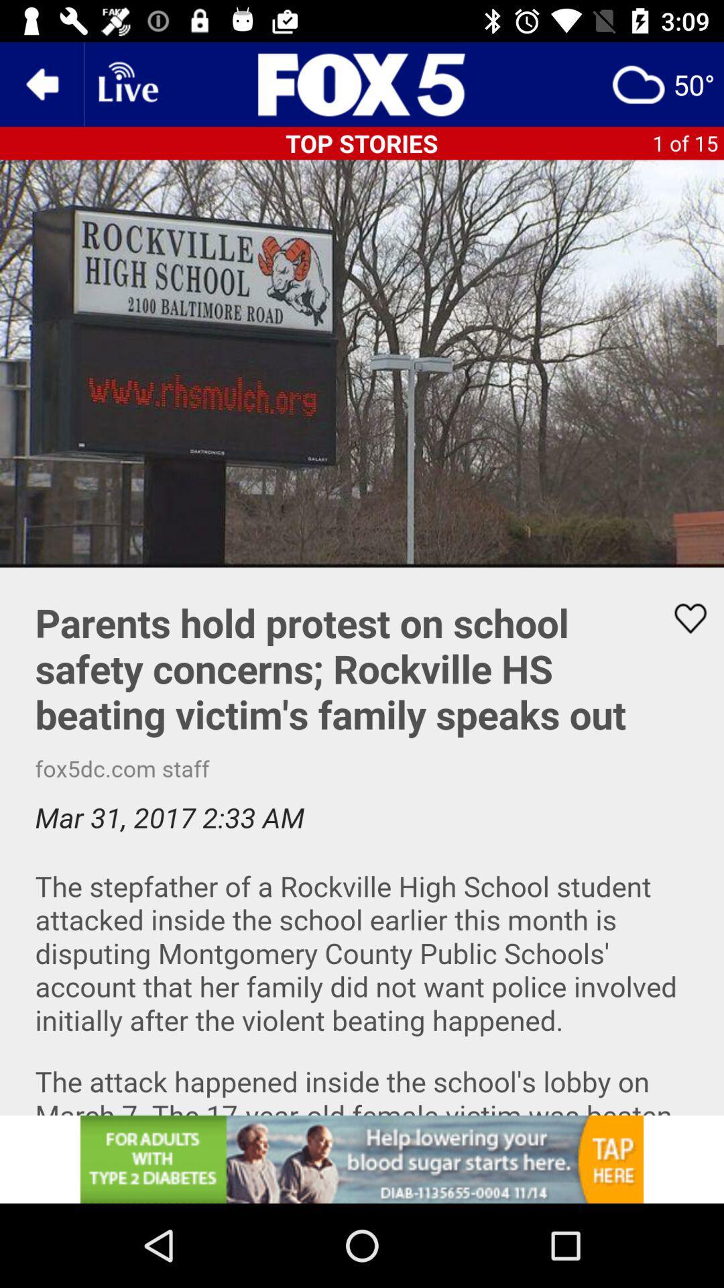 The width and height of the screenshot is (724, 1288). Describe the element at coordinates (362, 841) in the screenshot. I see `vedio detail read screen` at that location.